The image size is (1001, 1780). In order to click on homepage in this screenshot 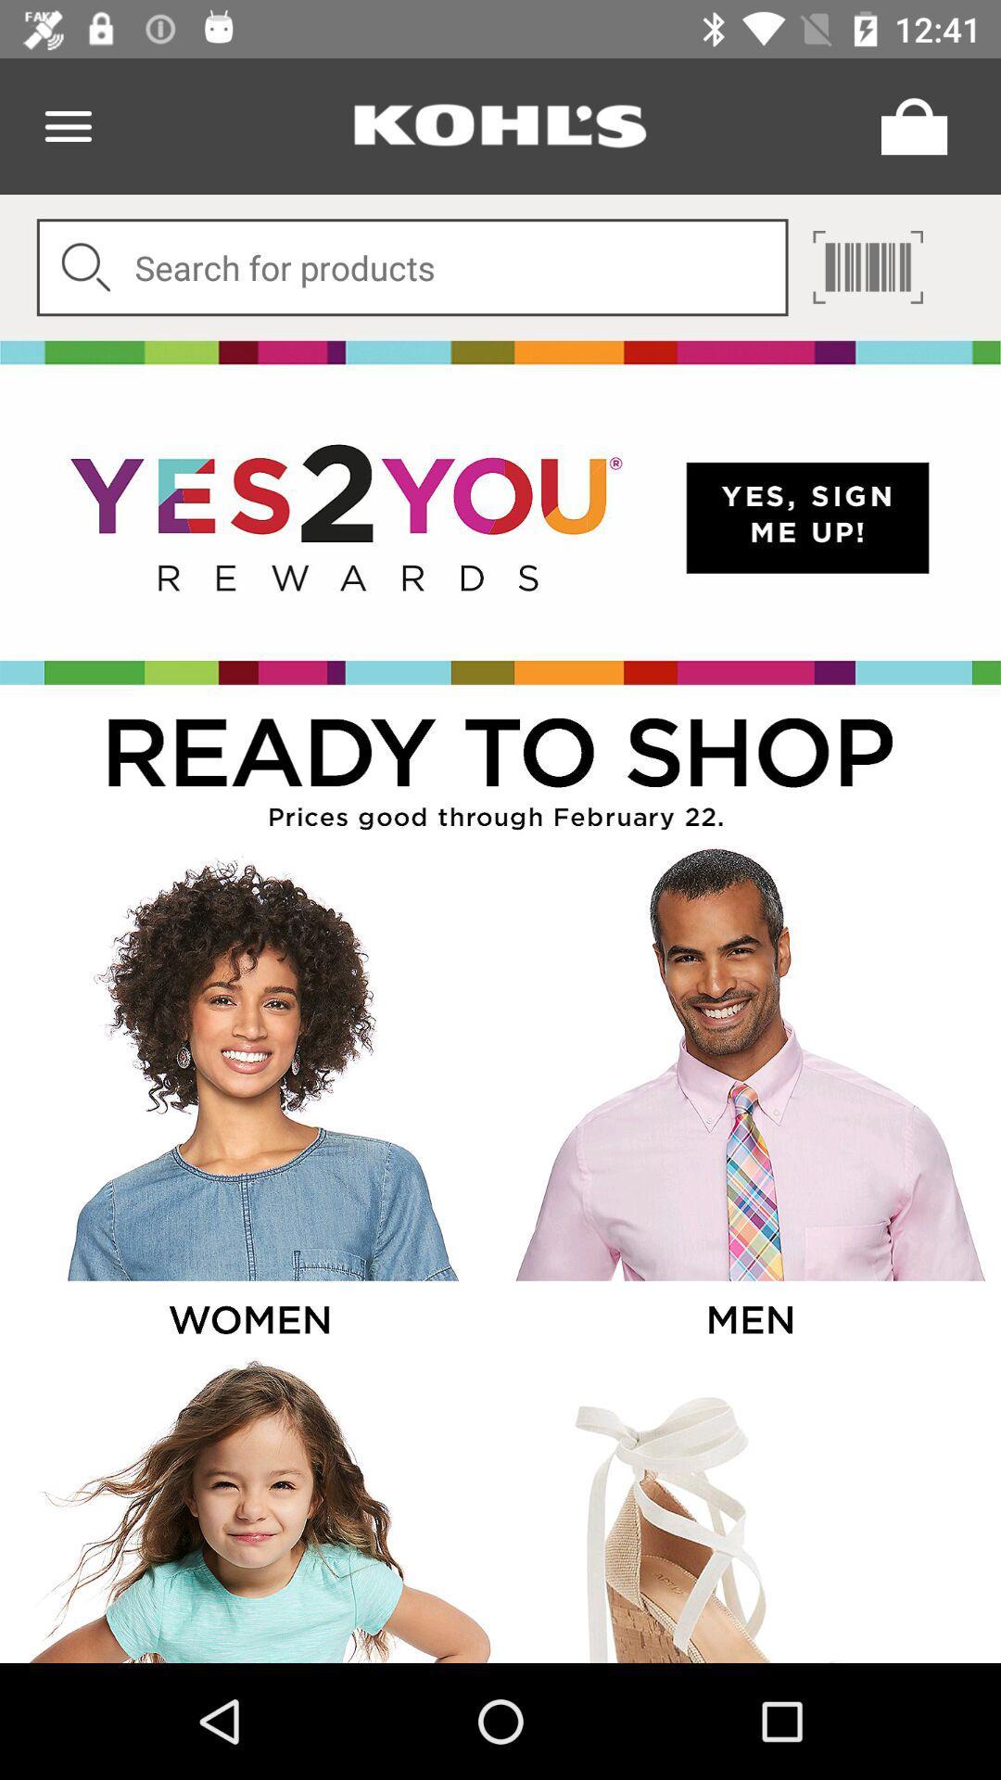, I will do `click(500, 125)`.